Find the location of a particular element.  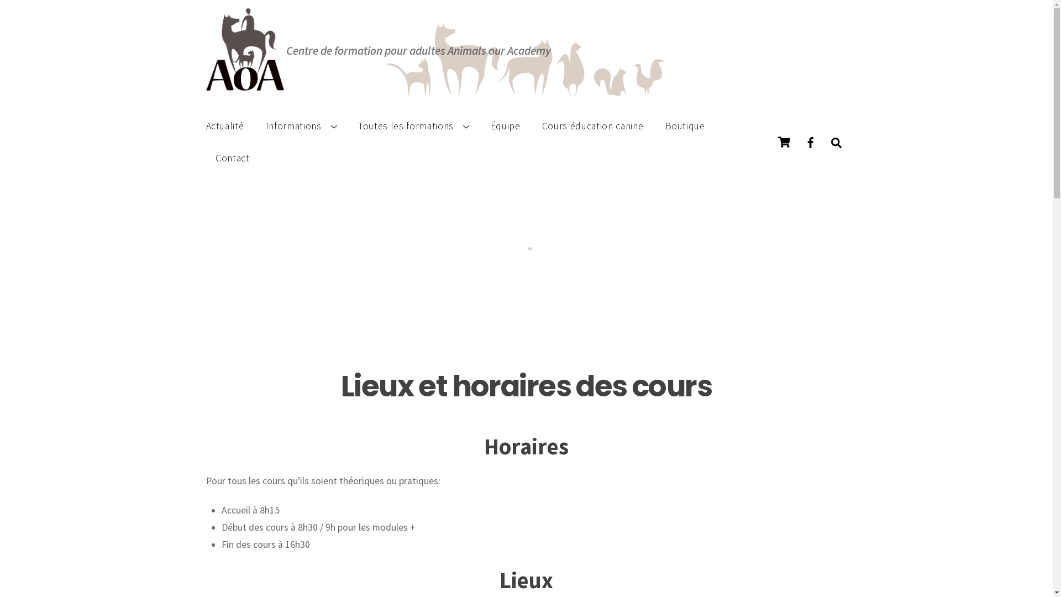

'Chercher' is located at coordinates (836, 142).